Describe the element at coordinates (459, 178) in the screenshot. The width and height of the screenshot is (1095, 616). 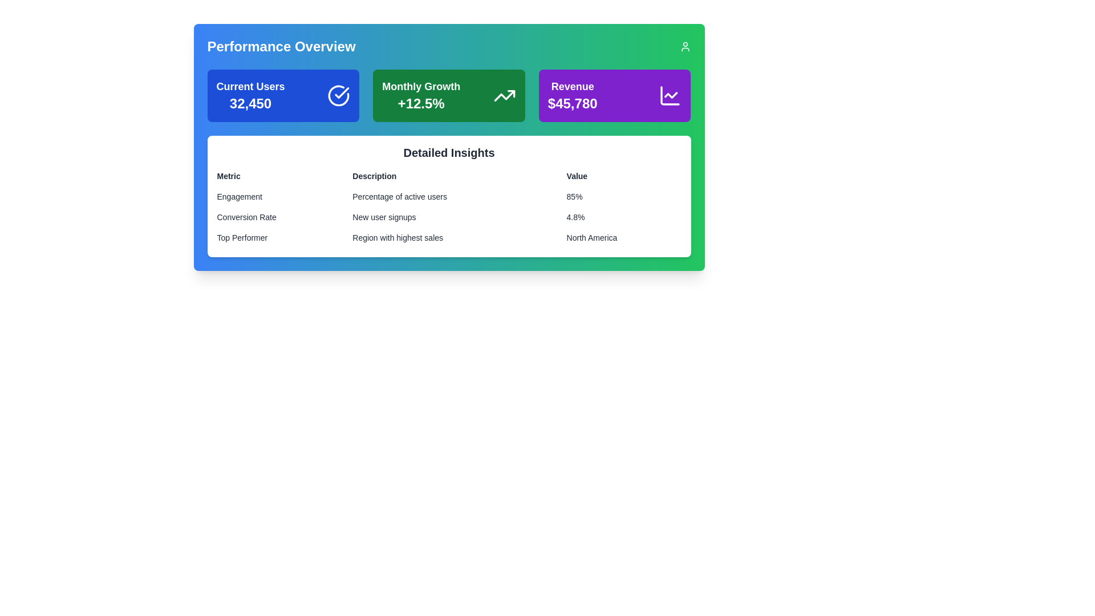
I see `the 'Description' text label` at that location.